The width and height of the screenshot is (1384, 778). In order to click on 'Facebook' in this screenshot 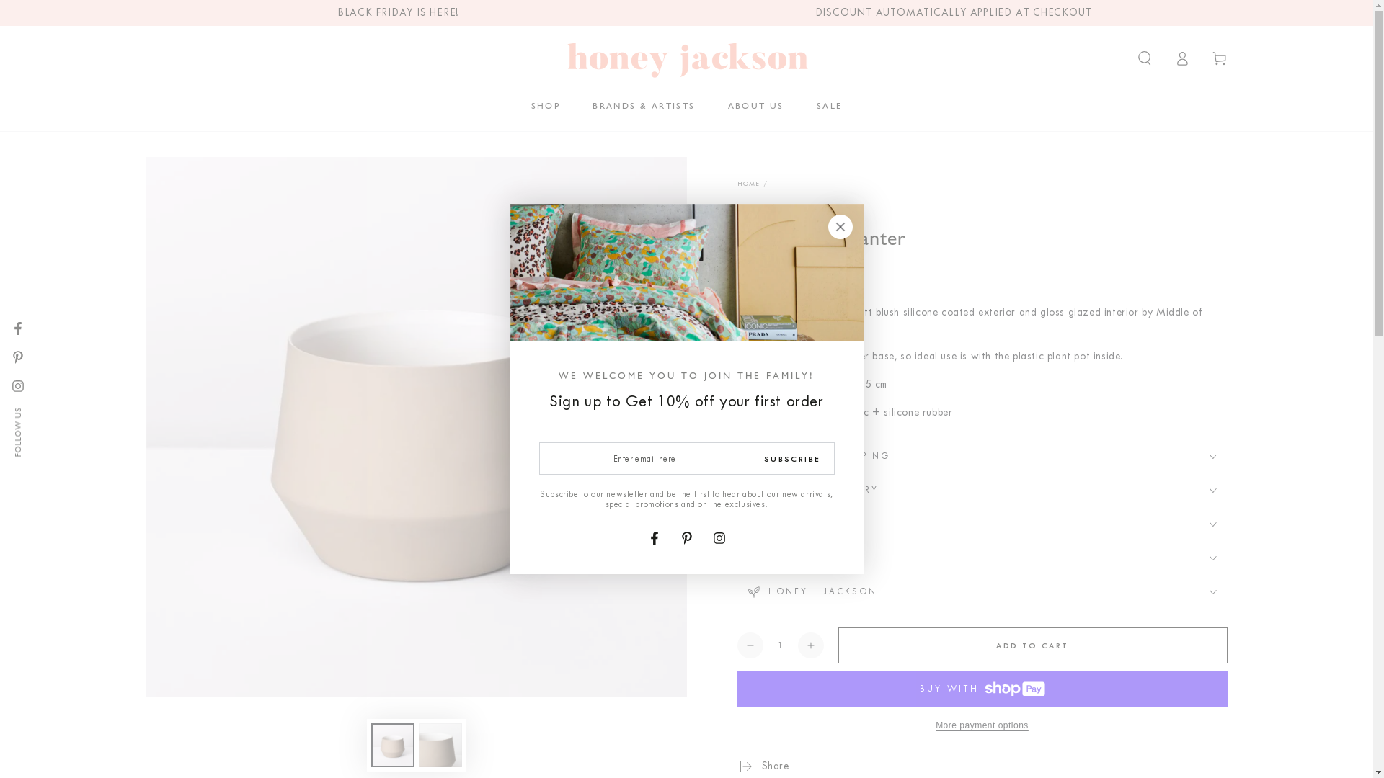, I will do `click(3, 328)`.